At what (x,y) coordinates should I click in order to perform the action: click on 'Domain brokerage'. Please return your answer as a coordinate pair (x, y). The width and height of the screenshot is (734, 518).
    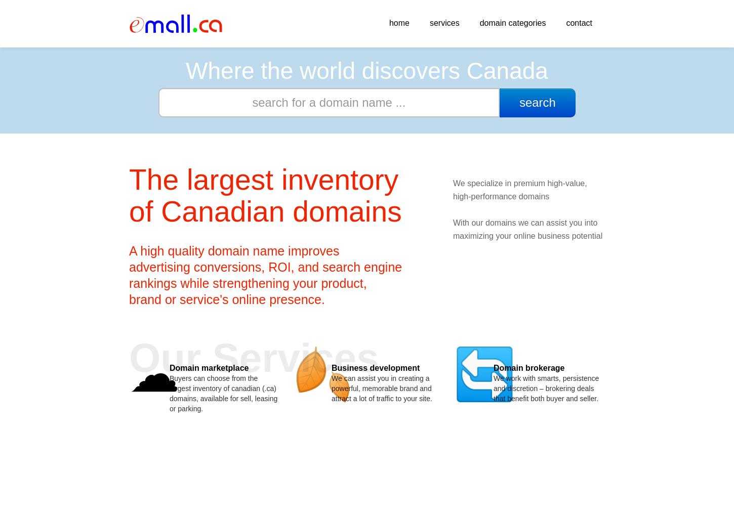
    Looking at the image, I should click on (529, 367).